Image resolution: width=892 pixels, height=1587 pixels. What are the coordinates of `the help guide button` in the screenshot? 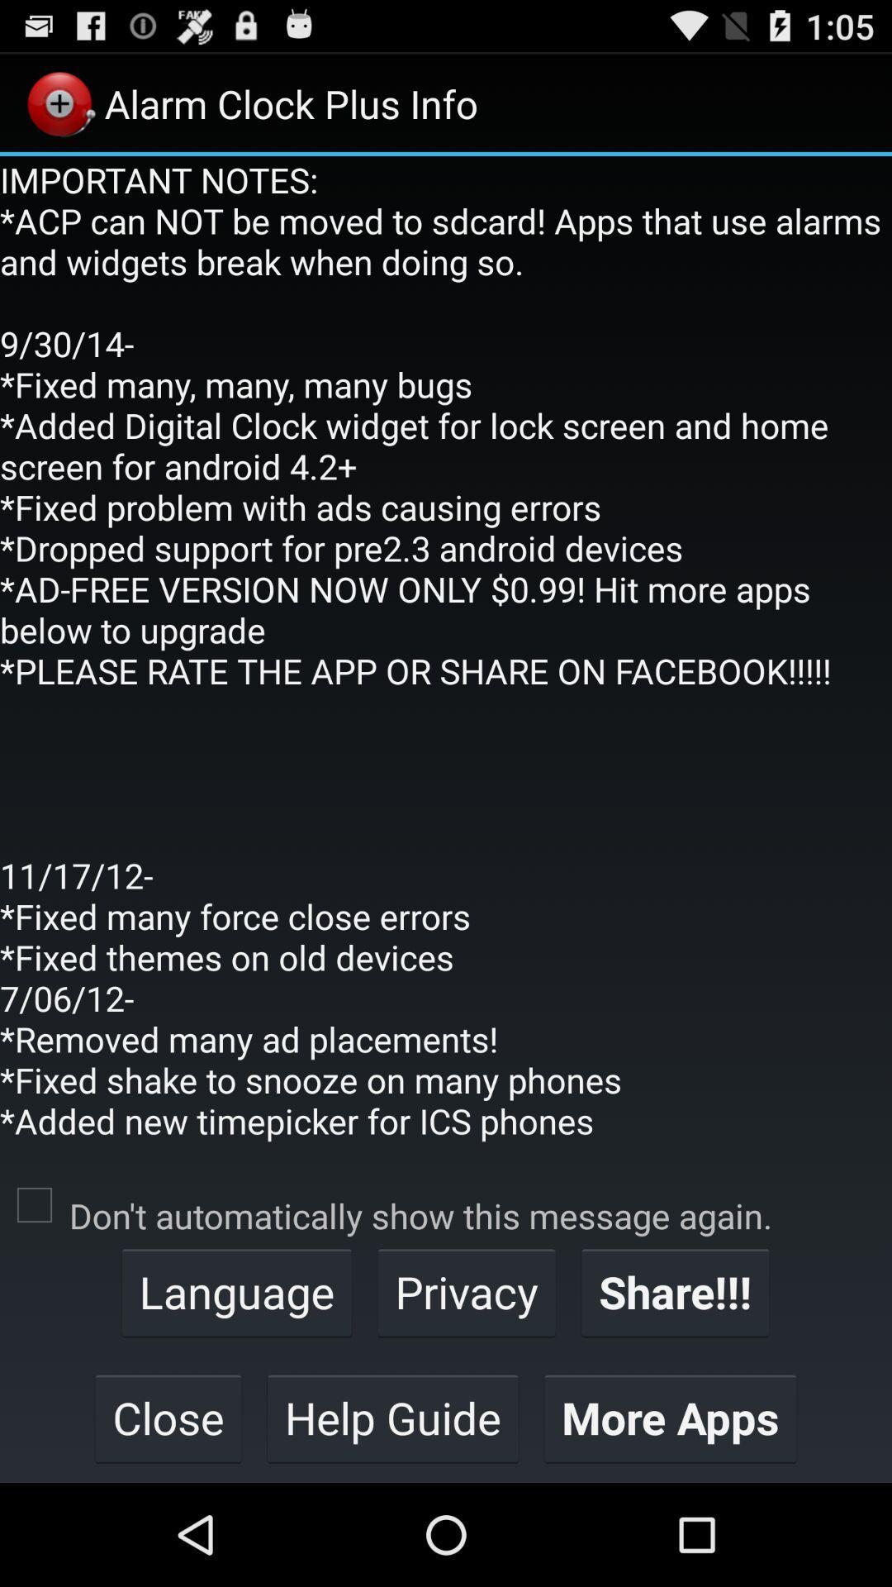 It's located at (392, 1417).